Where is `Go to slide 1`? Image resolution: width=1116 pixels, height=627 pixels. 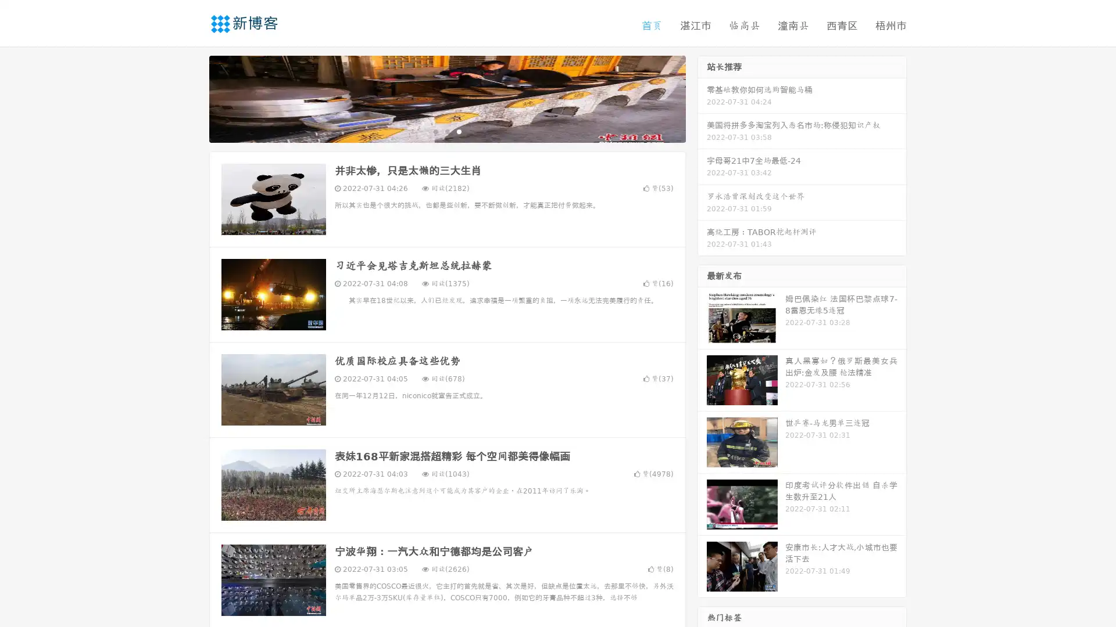
Go to slide 1 is located at coordinates (435, 131).